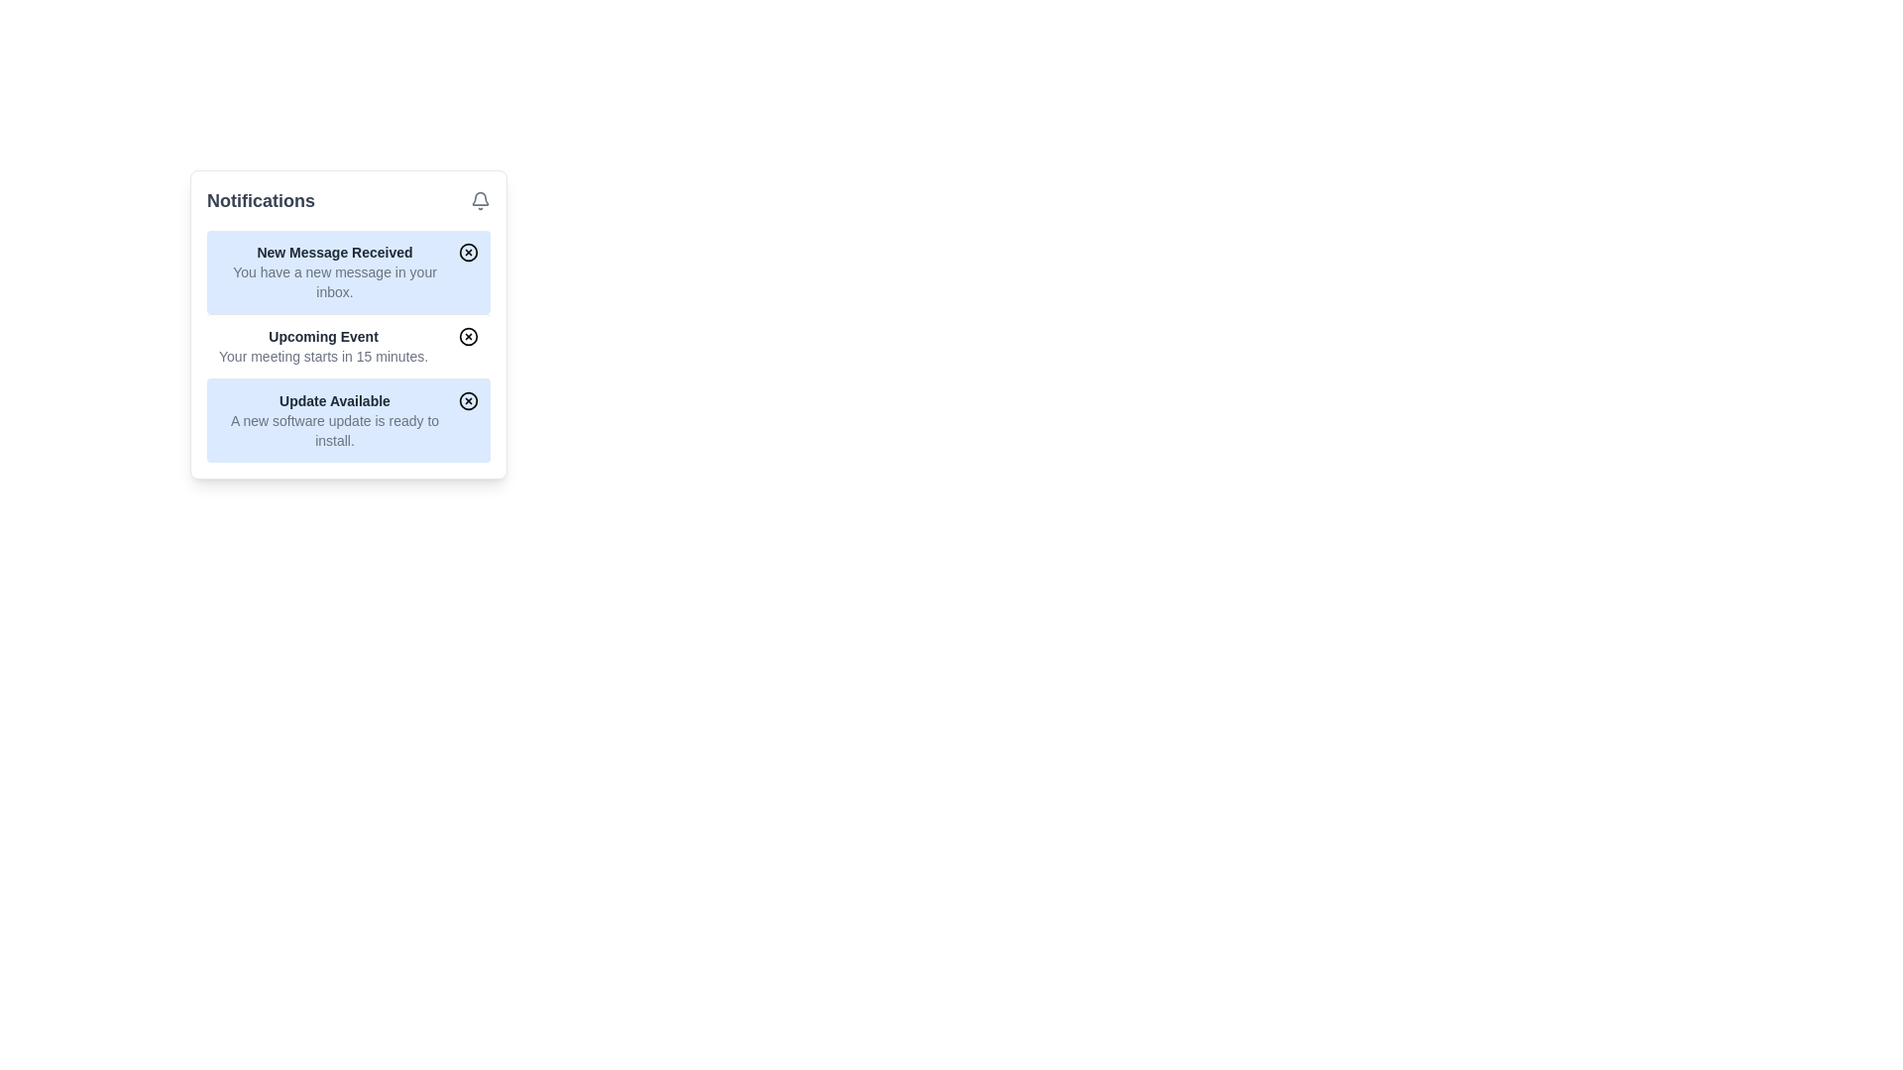  What do you see at coordinates (334, 401) in the screenshot?
I see `the 'Update Available' text label, which is styled in bold with a dark gray color on a light blue background, located in the lower section of the notification panel` at bounding box center [334, 401].